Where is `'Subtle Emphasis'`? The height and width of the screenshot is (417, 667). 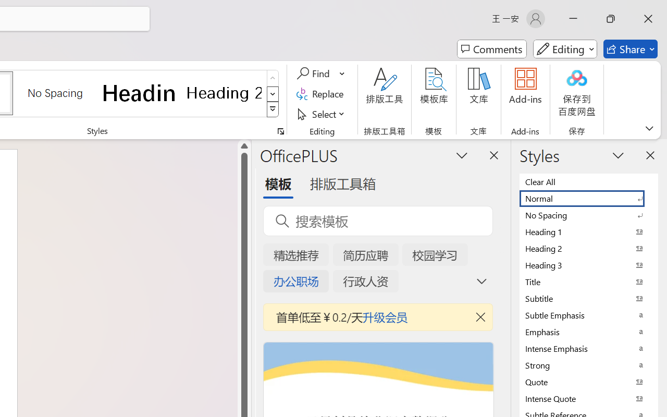
'Subtle Emphasis' is located at coordinates (589, 315).